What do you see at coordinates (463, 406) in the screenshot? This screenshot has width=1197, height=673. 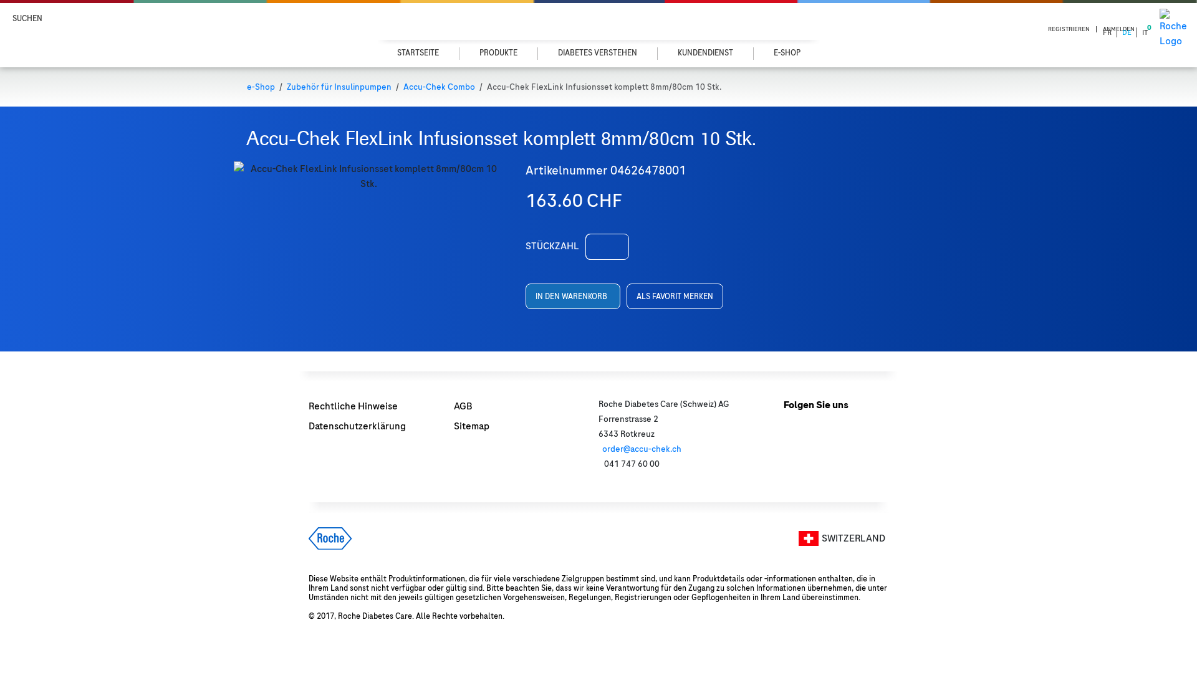 I see `'AGB'` at bounding box center [463, 406].